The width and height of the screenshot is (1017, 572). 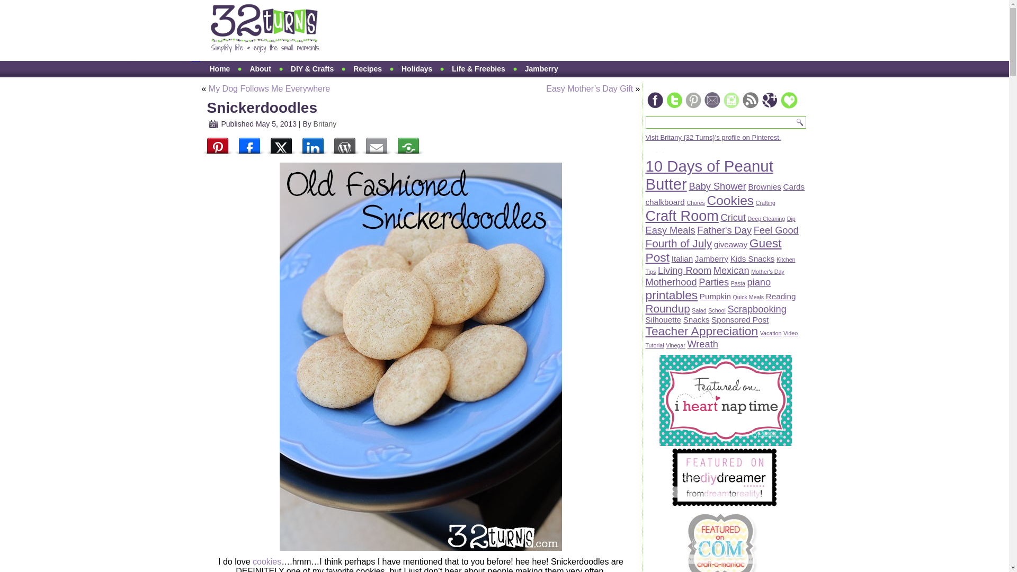 I want to click on 'Home', so click(x=219, y=69).